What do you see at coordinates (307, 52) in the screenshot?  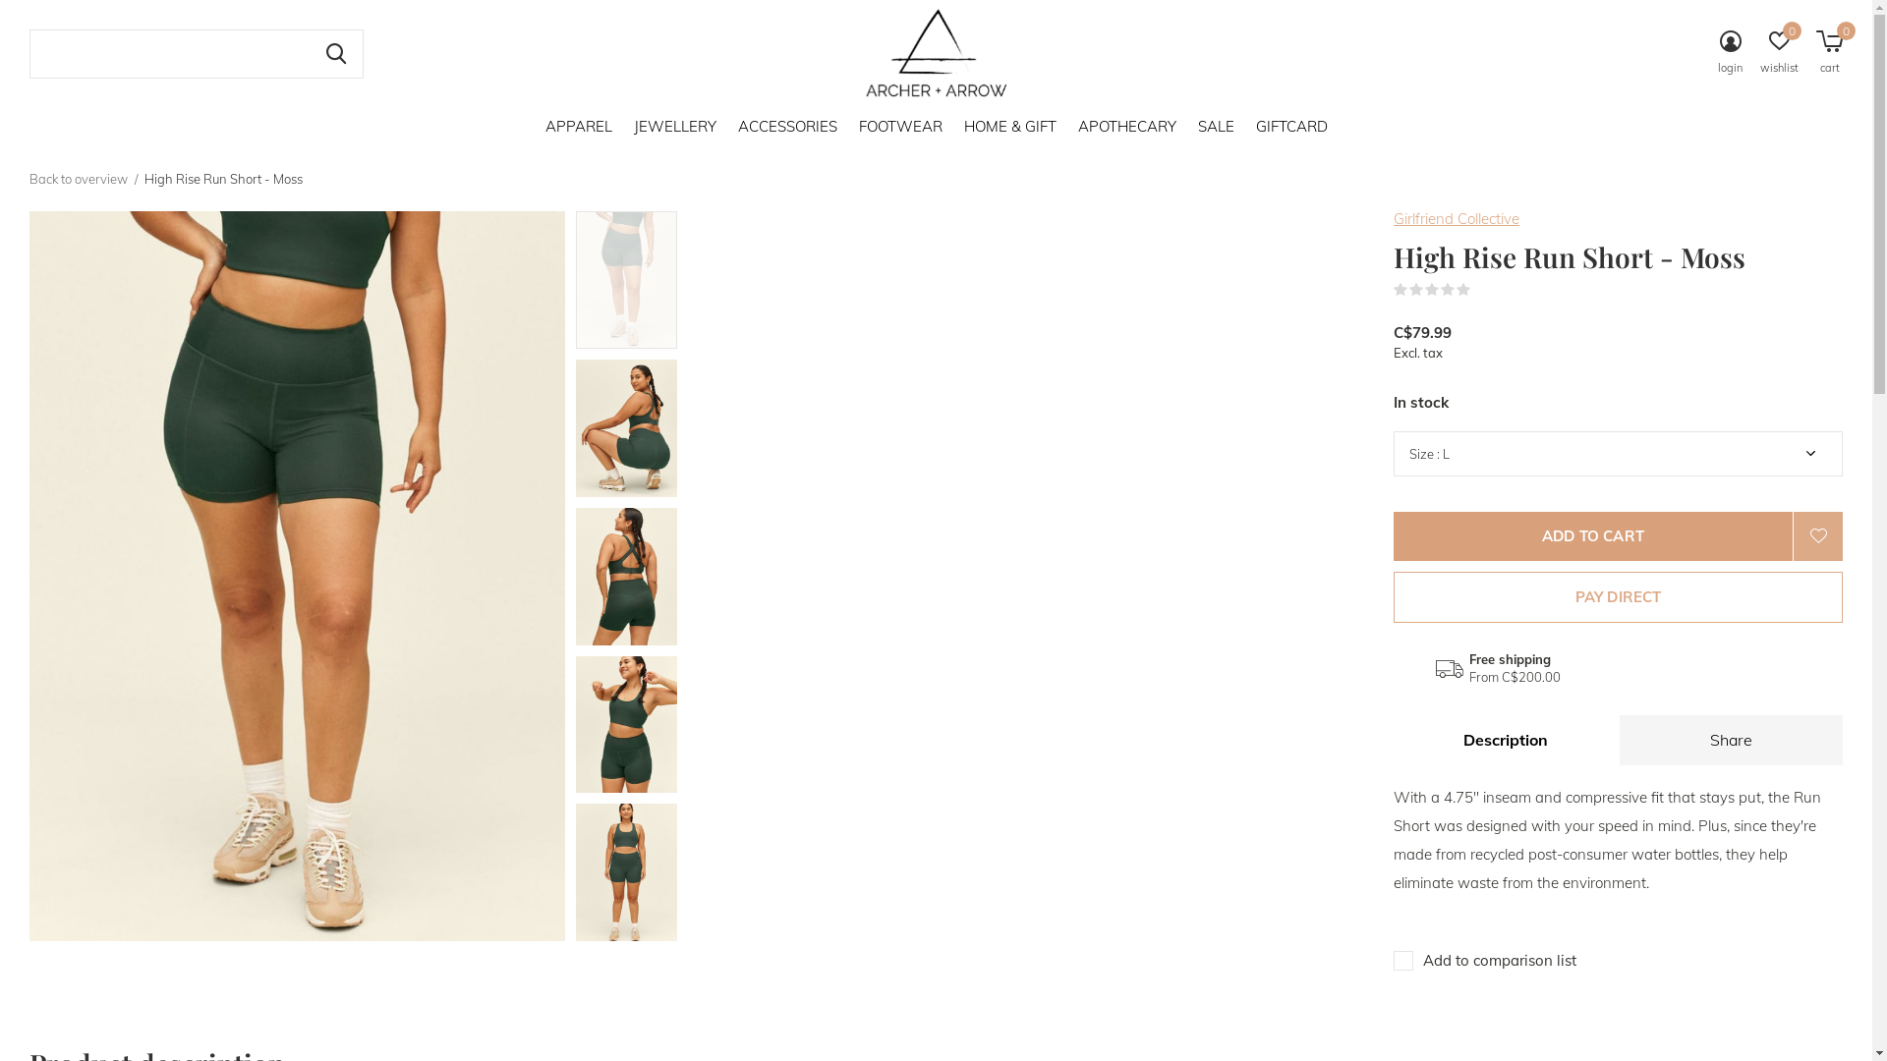 I see `'SEARCH'` at bounding box center [307, 52].